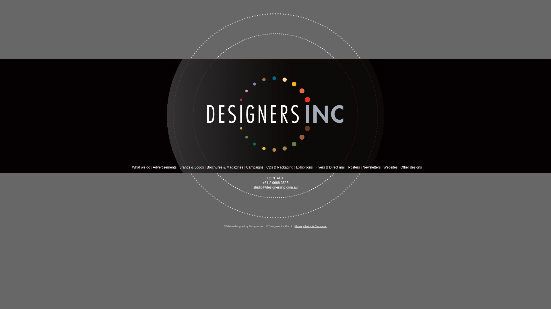 The width and height of the screenshot is (551, 309). What do you see at coordinates (275, 187) in the screenshot?
I see `'studio@designersinc.com.au'` at bounding box center [275, 187].